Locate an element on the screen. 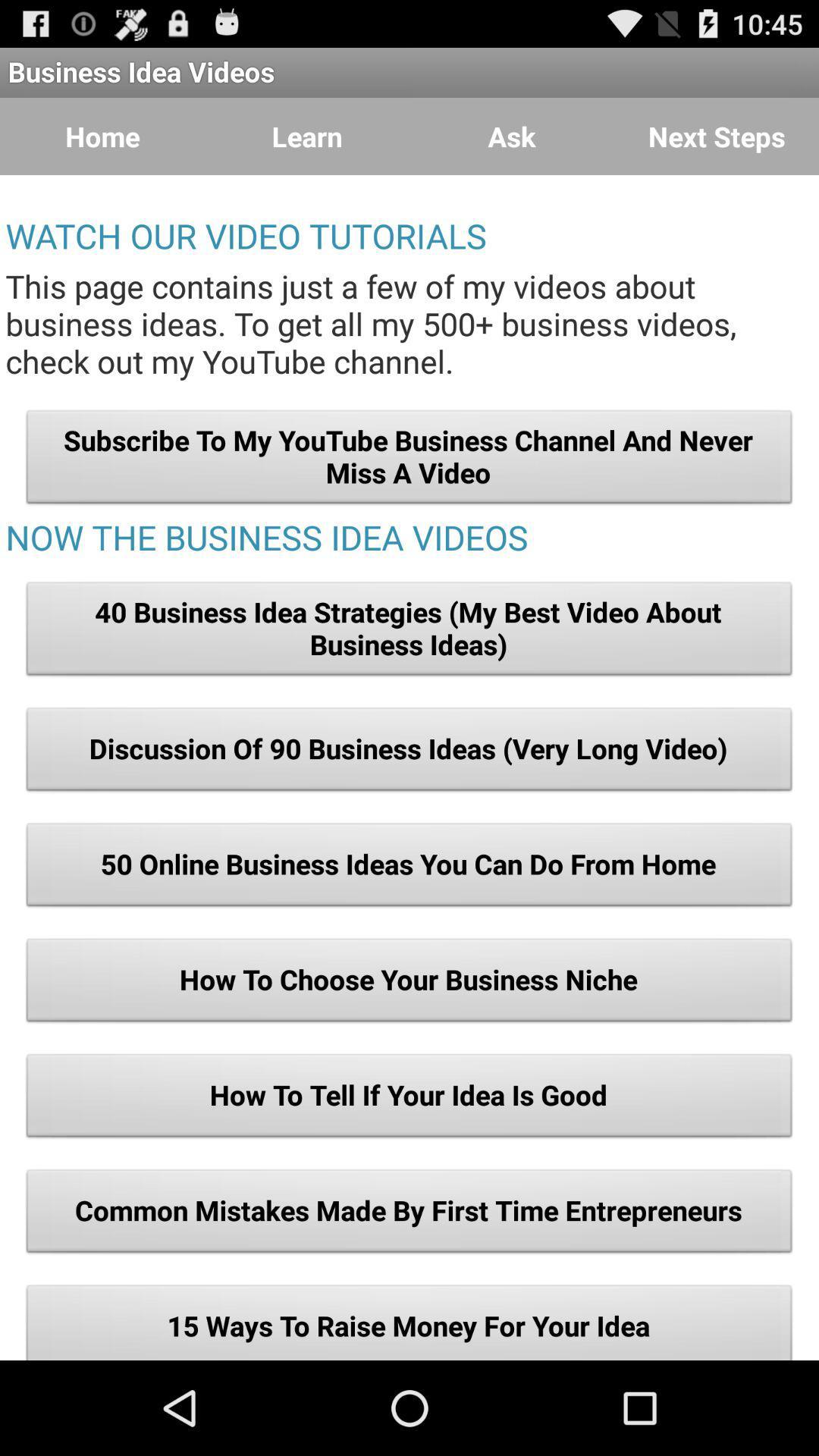 This screenshot has width=819, height=1456. the button below the discussion of 90 item is located at coordinates (409, 869).